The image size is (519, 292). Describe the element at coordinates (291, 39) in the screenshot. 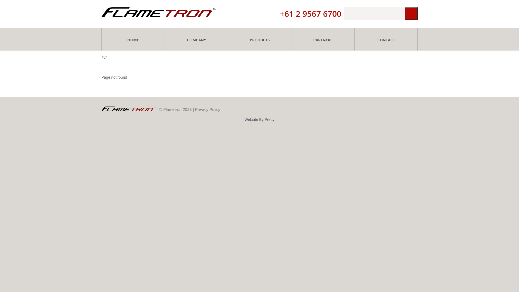

I see `'PARTNERS'` at that location.